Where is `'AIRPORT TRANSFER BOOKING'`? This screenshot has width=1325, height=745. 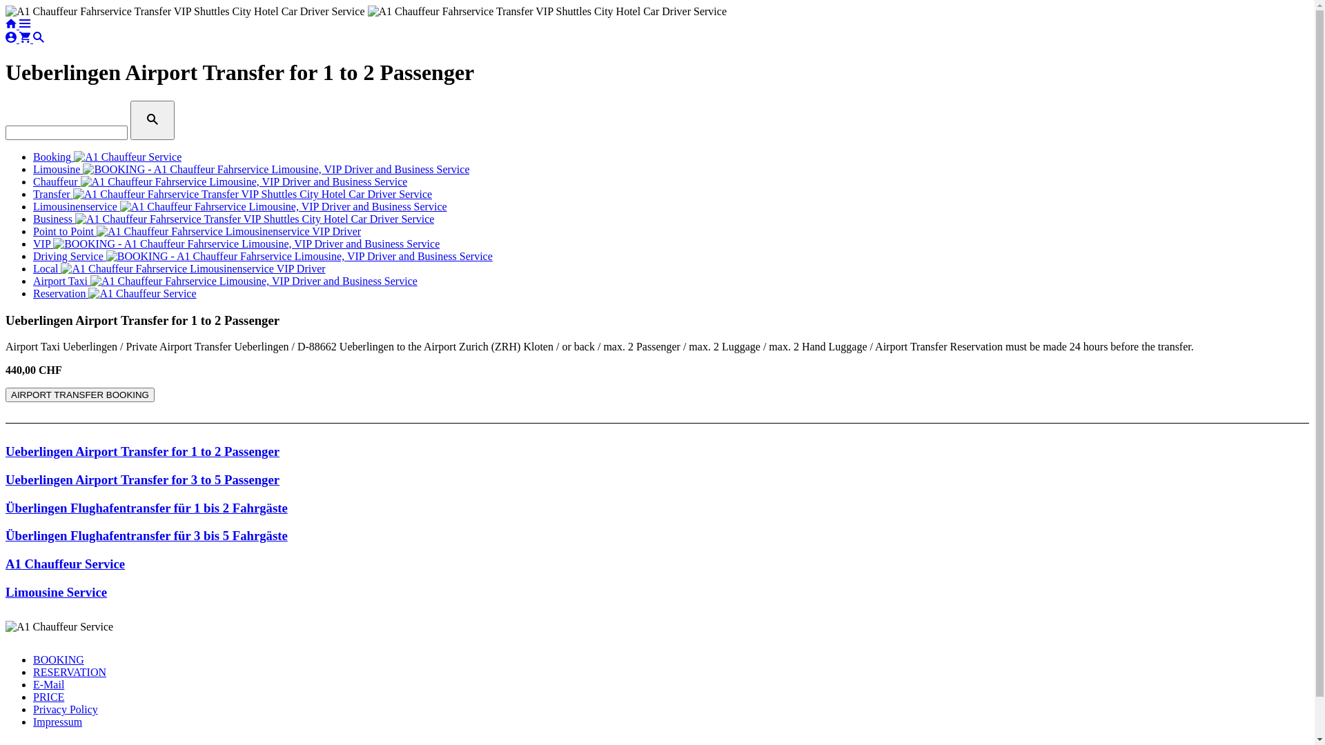
'AIRPORT TRANSFER BOOKING' is located at coordinates (6, 395).